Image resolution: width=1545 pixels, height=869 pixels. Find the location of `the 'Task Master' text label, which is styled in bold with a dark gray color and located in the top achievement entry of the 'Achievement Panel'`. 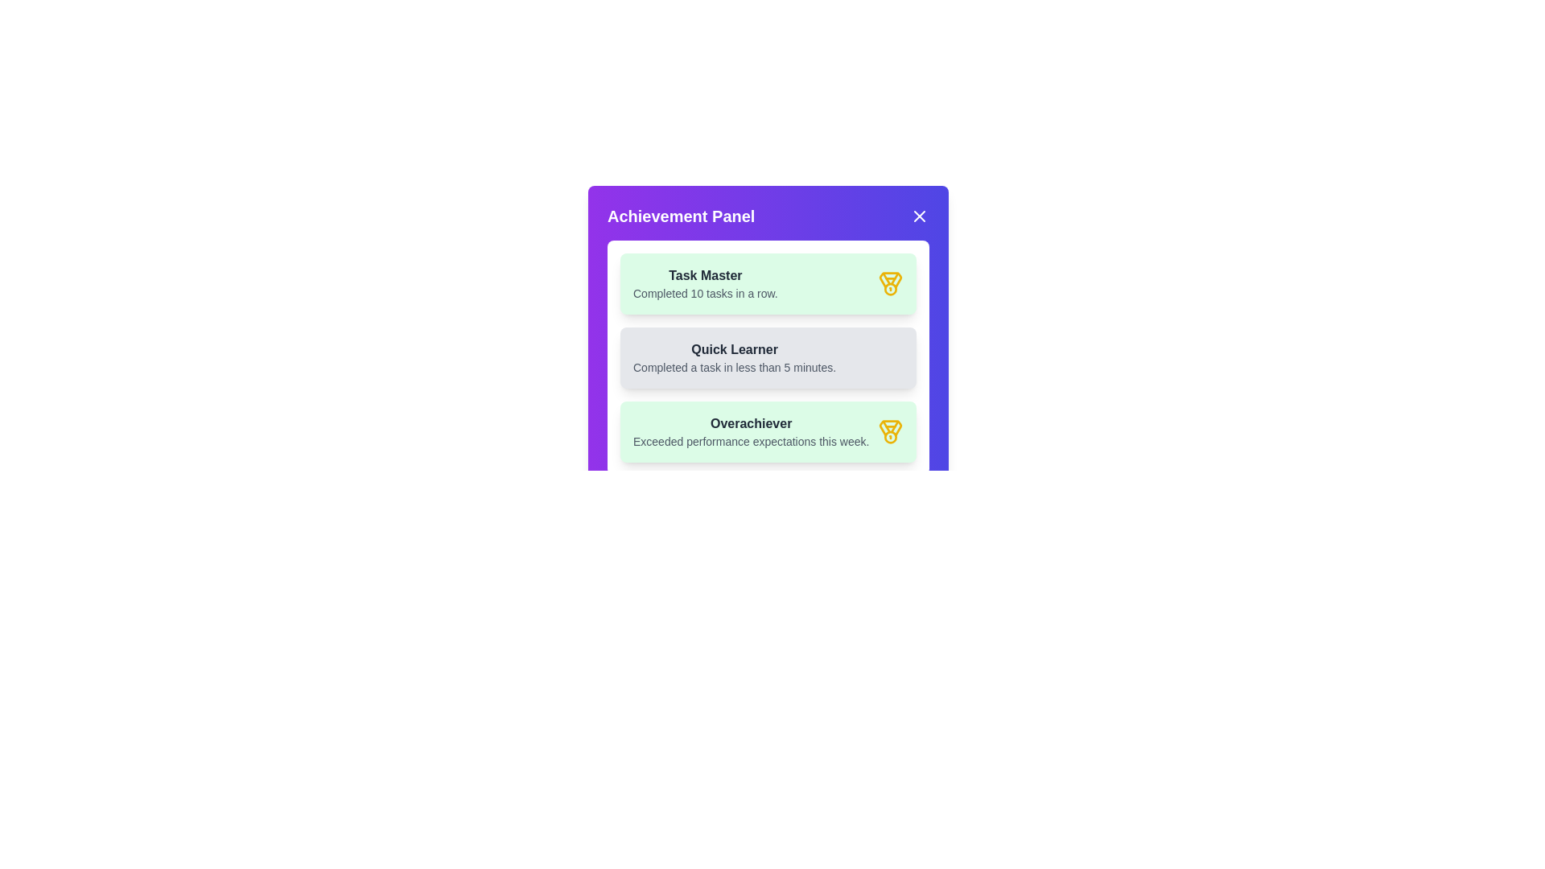

the 'Task Master' text label, which is styled in bold with a dark gray color and located in the top achievement entry of the 'Achievement Panel' is located at coordinates (705, 275).